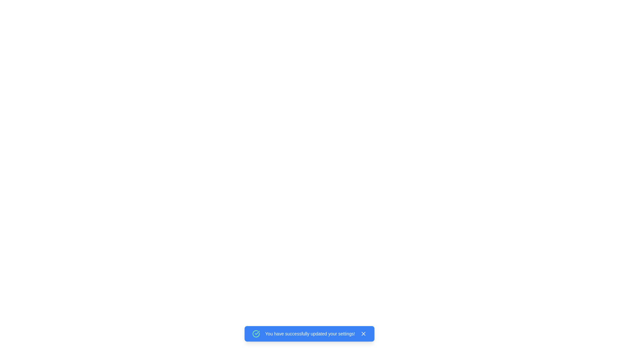 The image size is (619, 348). I want to click on the Close Button Icon that resembles the letter 'X', located in the bottom-right corner of a blue notification bar, so click(363, 333).